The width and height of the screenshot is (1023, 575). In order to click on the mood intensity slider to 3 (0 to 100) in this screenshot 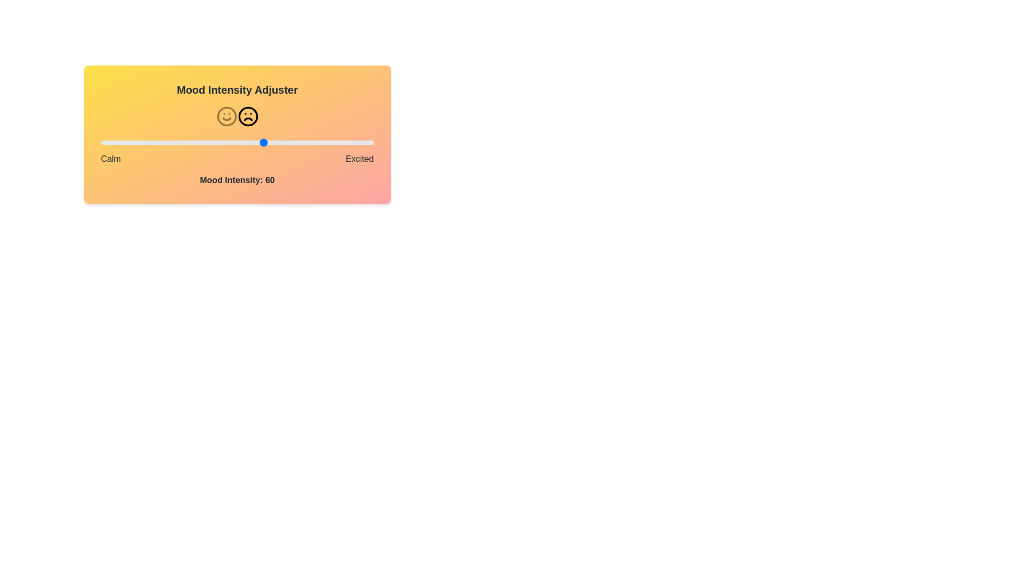, I will do `click(109, 142)`.